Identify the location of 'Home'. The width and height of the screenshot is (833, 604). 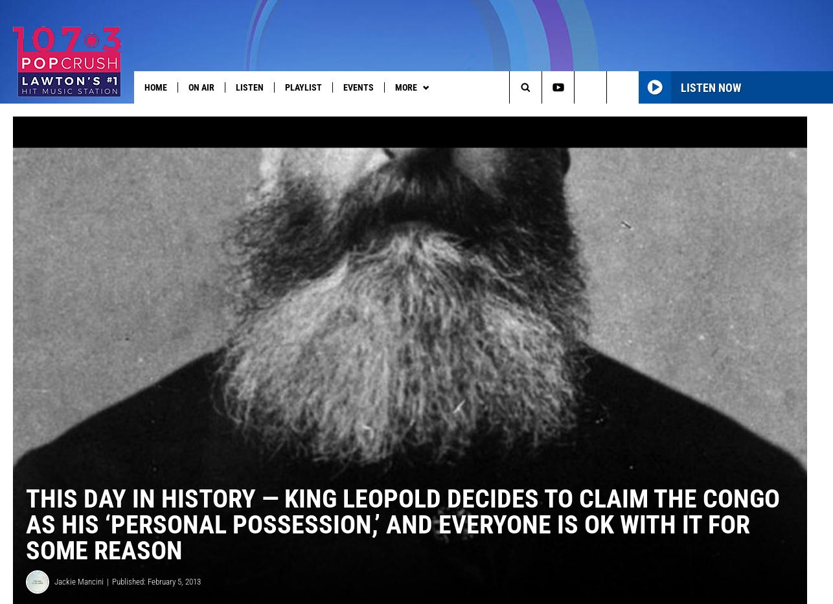
(144, 87).